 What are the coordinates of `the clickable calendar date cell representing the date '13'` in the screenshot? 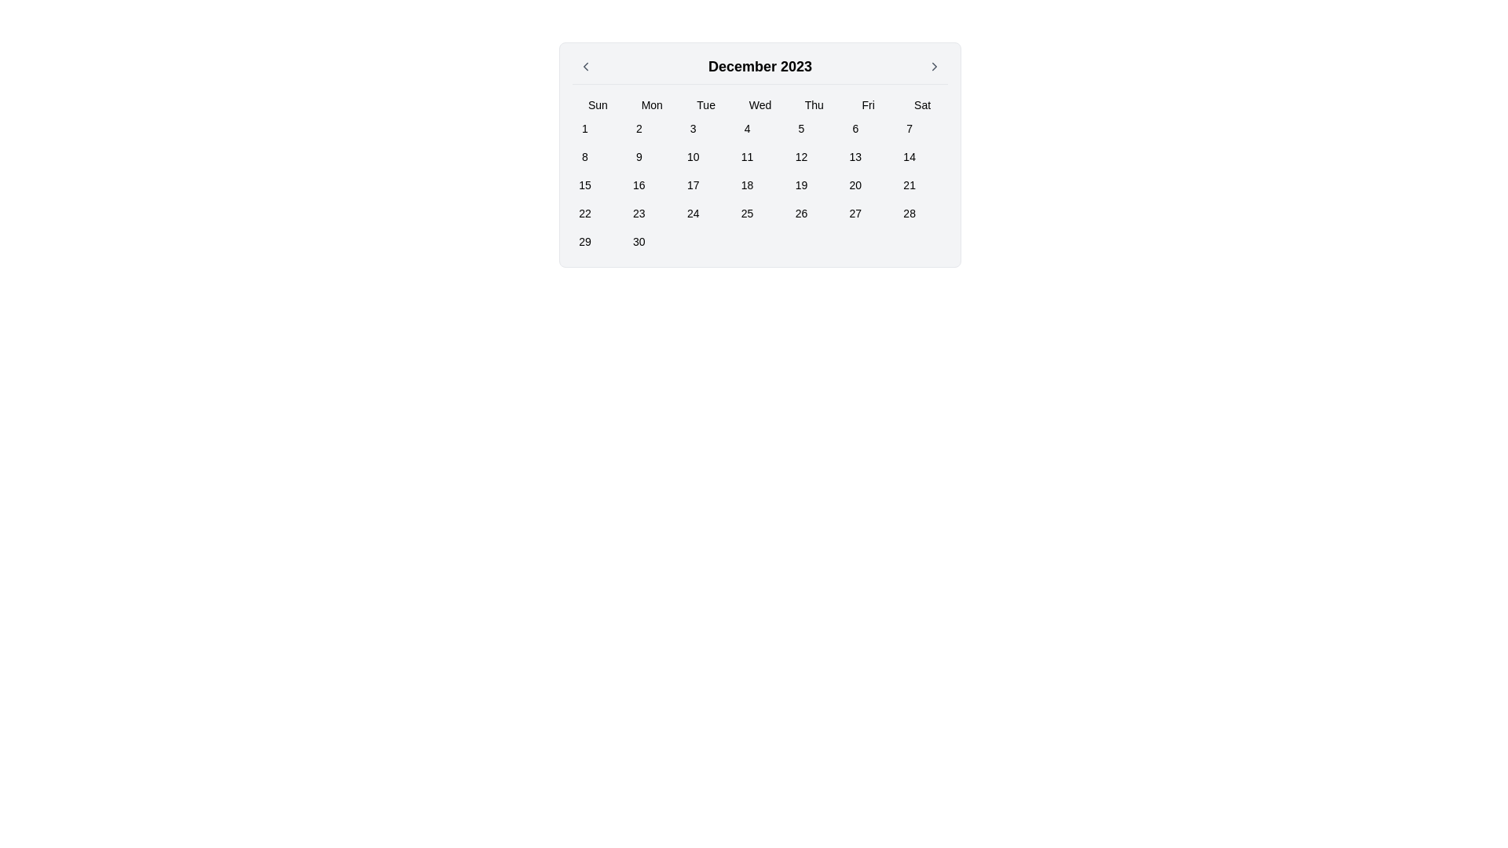 It's located at (855, 157).